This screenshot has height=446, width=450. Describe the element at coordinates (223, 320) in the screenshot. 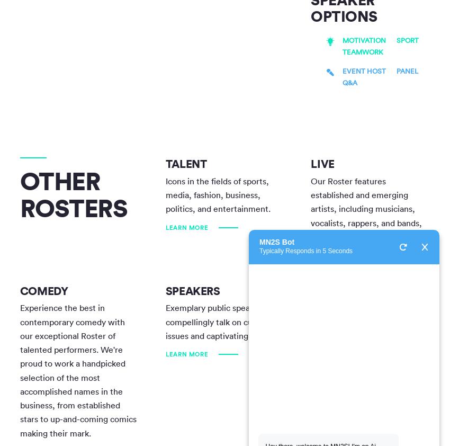

I see `'Exemplary public speakers can compellingly talk on current issues and captivating topics.'` at that location.